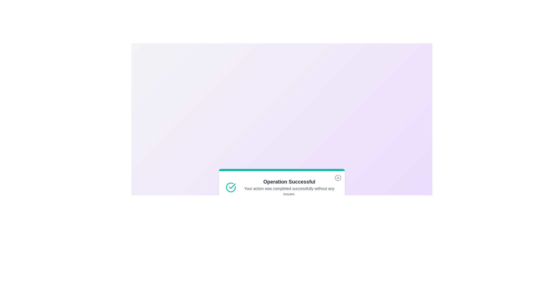 This screenshot has width=540, height=304. I want to click on the alert icon to inspect its details, so click(231, 187).